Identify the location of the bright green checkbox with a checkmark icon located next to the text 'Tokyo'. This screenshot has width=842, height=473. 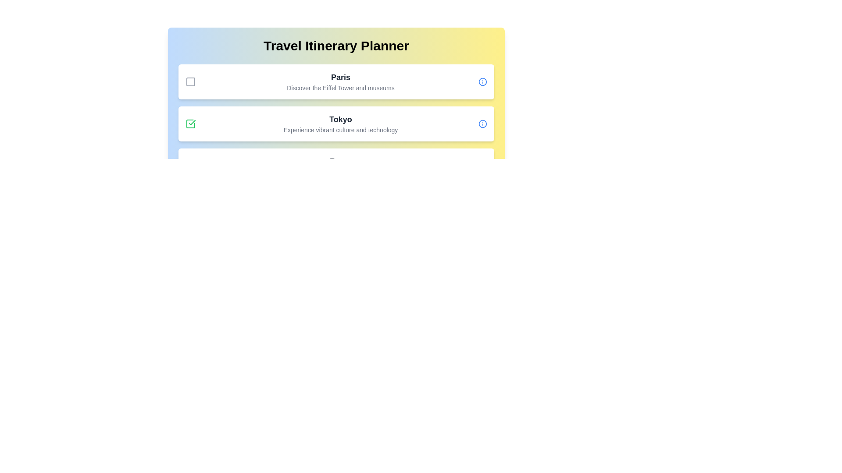
(190, 124).